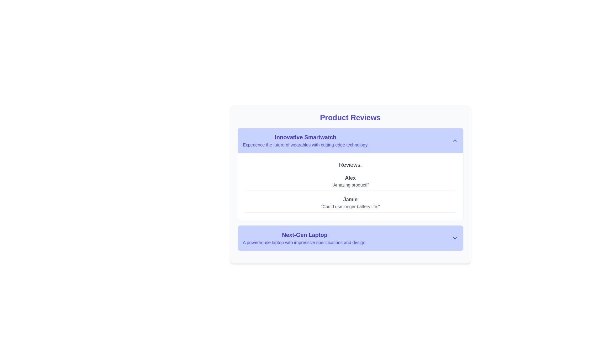  Describe the element at coordinates (455, 238) in the screenshot. I see `the downward-pointing indigo chevron icon located at the far right of the product description for 'Next-Gen Laptop'` at that location.